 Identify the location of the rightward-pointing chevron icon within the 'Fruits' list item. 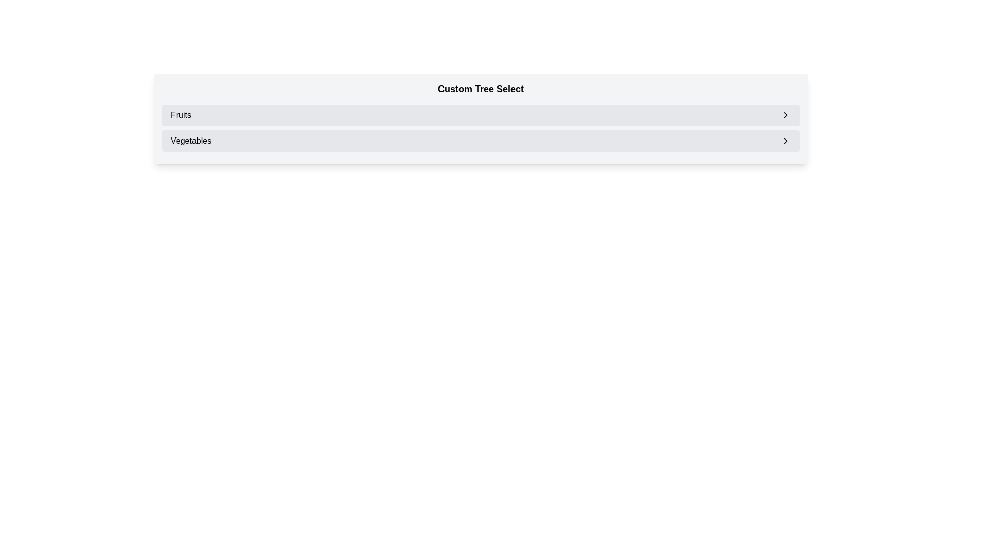
(785, 115).